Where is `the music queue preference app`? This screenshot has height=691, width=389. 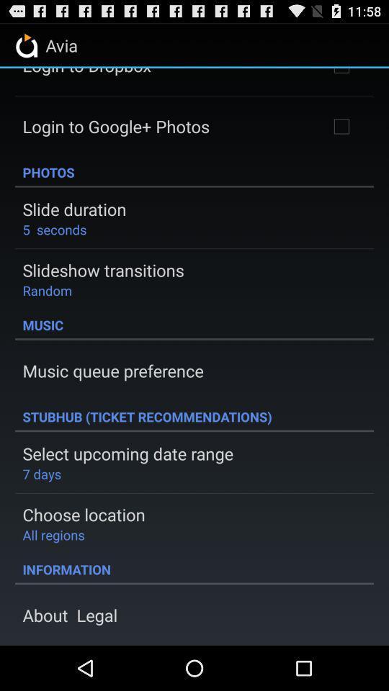
the music queue preference app is located at coordinates (112, 370).